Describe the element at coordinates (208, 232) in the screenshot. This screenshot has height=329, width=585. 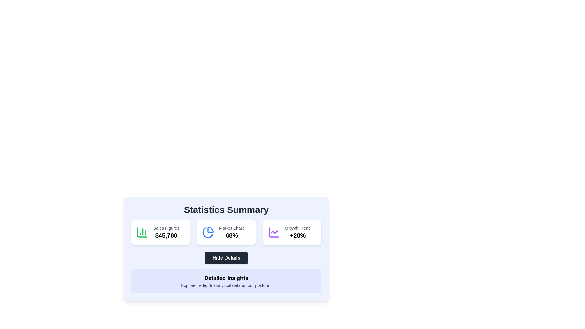
I see `the central pie chart icon in the Statistics Summary card, which visually represents market share data and is located above the 'Hide Details' button` at that location.